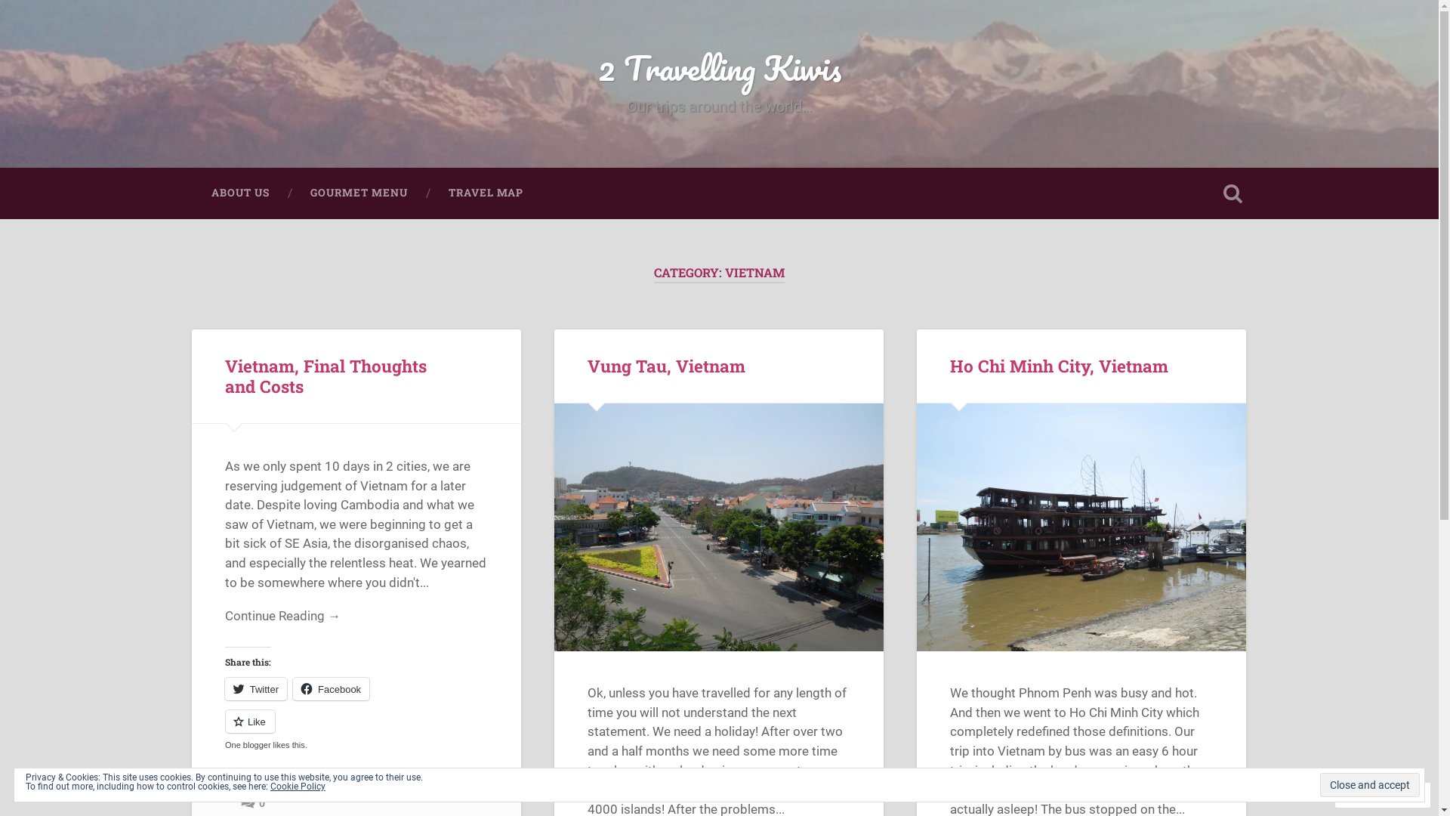 The image size is (1450, 816). What do you see at coordinates (224, 794) in the screenshot?
I see `'March 14, 2013'` at bounding box center [224, 794].